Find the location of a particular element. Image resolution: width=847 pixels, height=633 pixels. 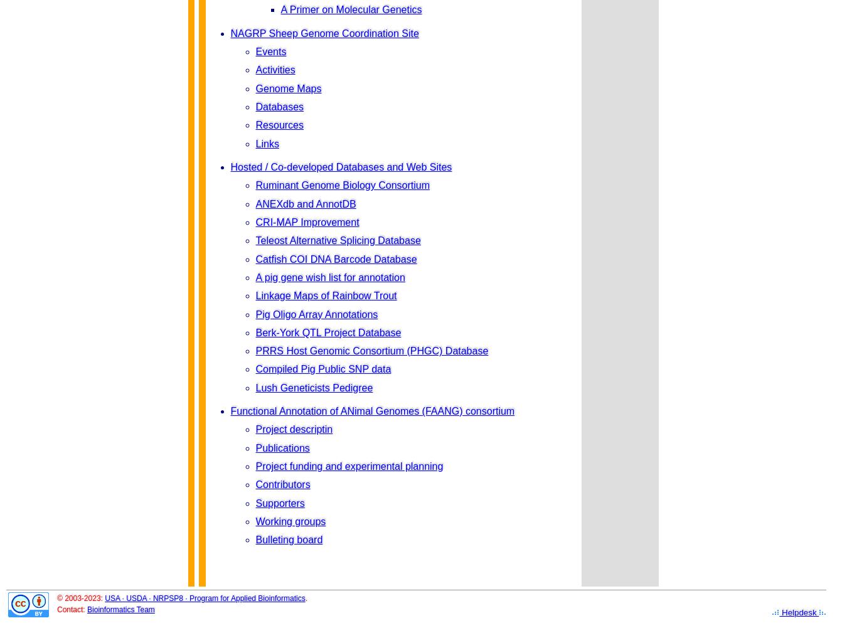

'Links' is located at coordinates (267, 142).